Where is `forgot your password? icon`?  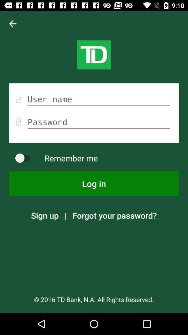
forgot your password? icon is located at coordinates (115, 215).